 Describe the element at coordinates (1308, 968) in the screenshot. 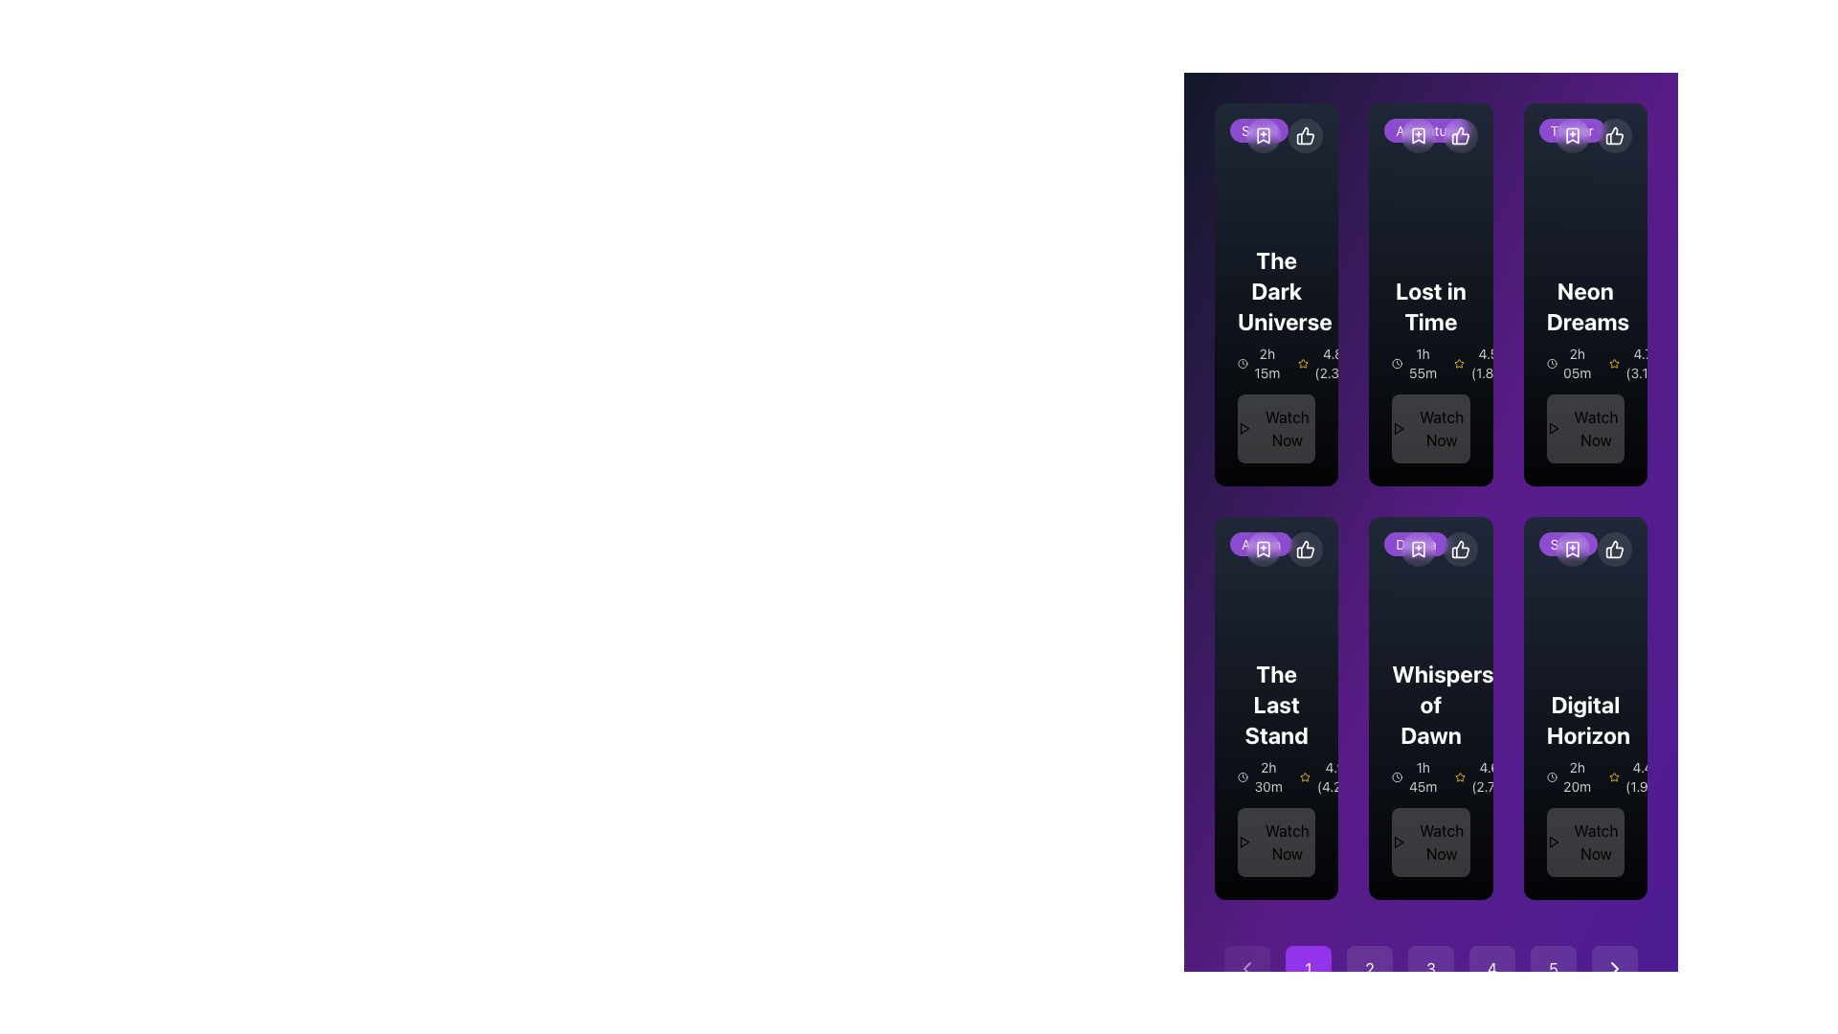

I see `the first pagination button located at the bottom center of the interface` at that location.